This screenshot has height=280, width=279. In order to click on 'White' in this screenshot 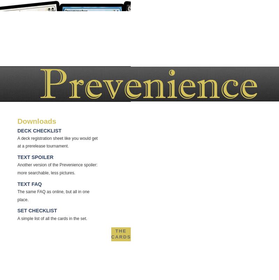, I will do `click(125, 246)`.